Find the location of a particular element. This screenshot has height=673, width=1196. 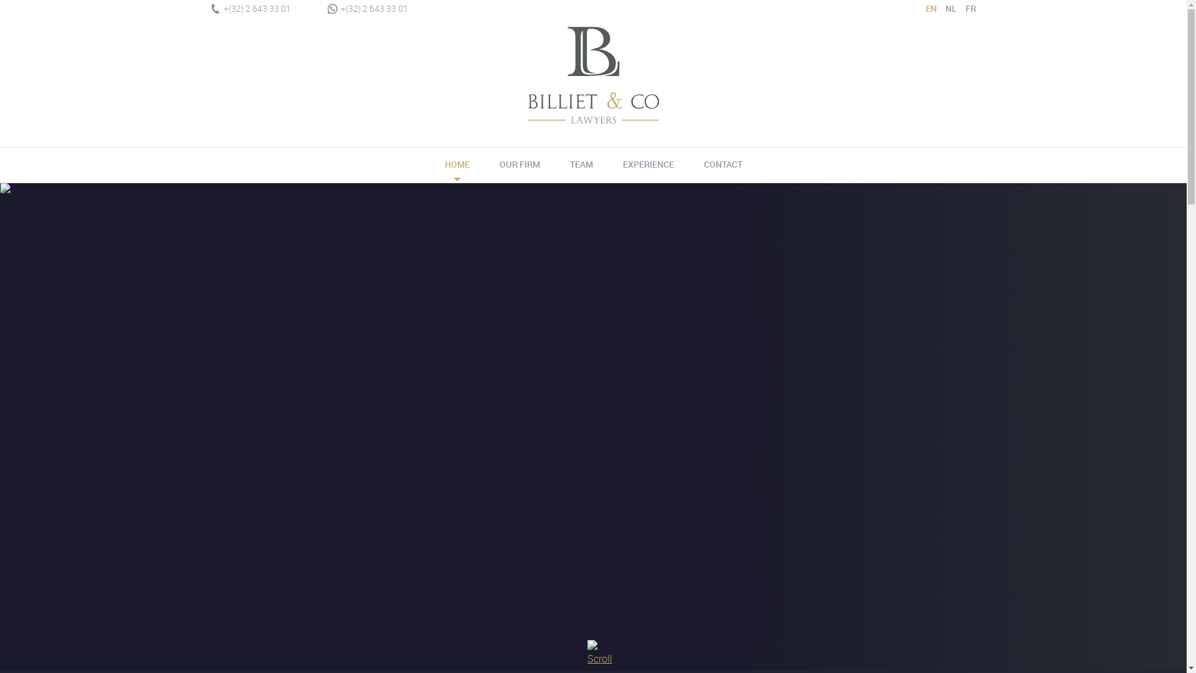

'CONTACT' is located at coordinates (723, 163).